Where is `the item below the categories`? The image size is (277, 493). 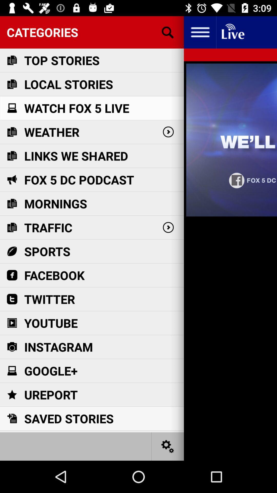
the item below the categories is located at coordinates (62, 60).